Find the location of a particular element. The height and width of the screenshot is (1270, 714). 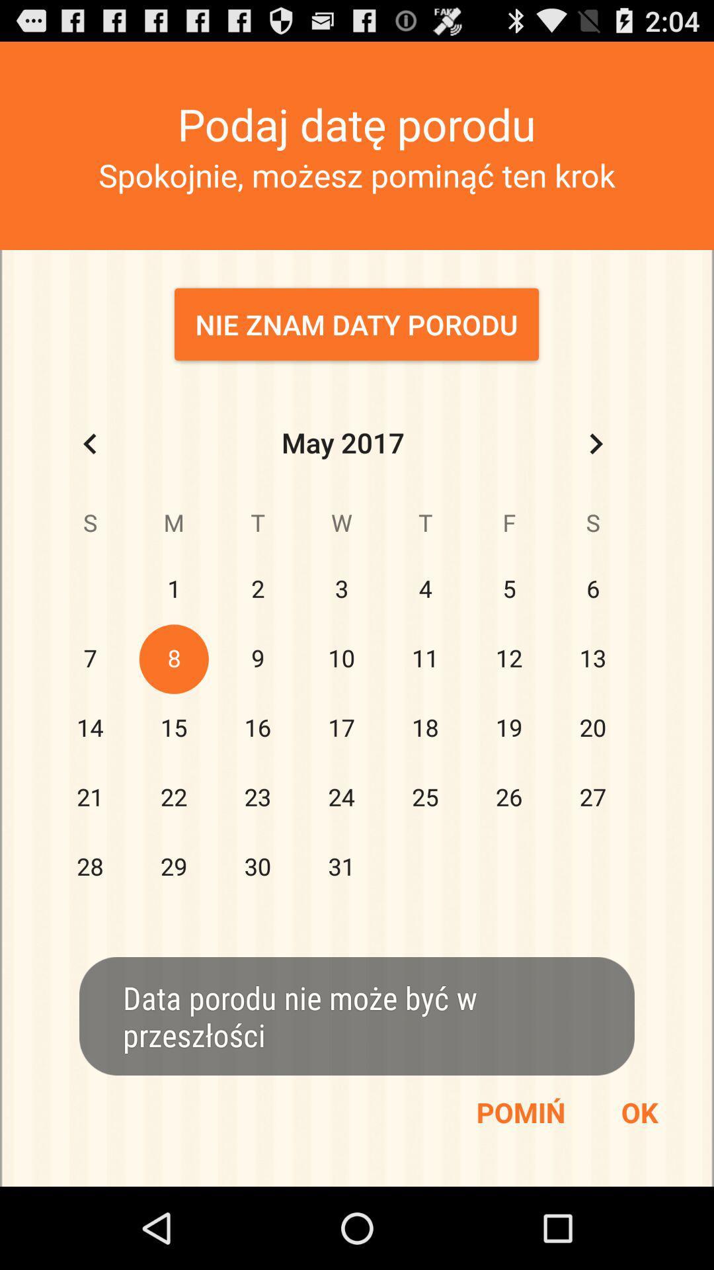

the arrow_backward icon is located at coordinates (89, 475).